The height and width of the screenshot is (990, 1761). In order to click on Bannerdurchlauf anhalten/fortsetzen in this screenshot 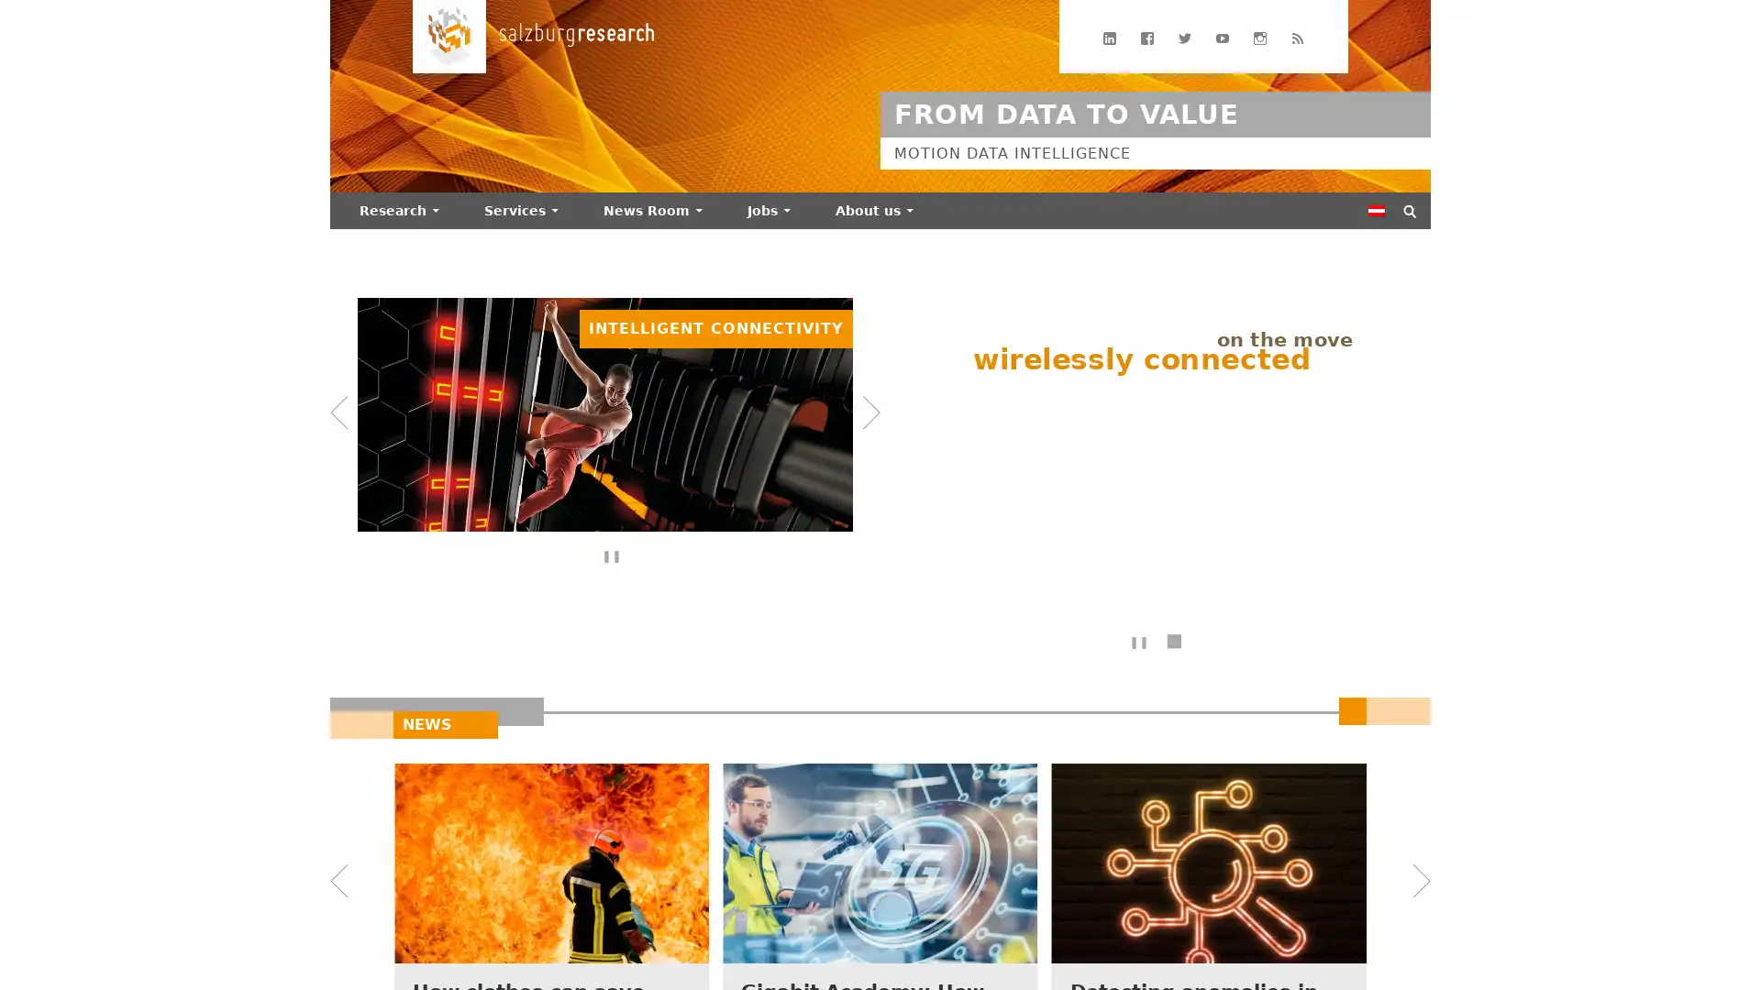, I will do `click(612, 554)`.